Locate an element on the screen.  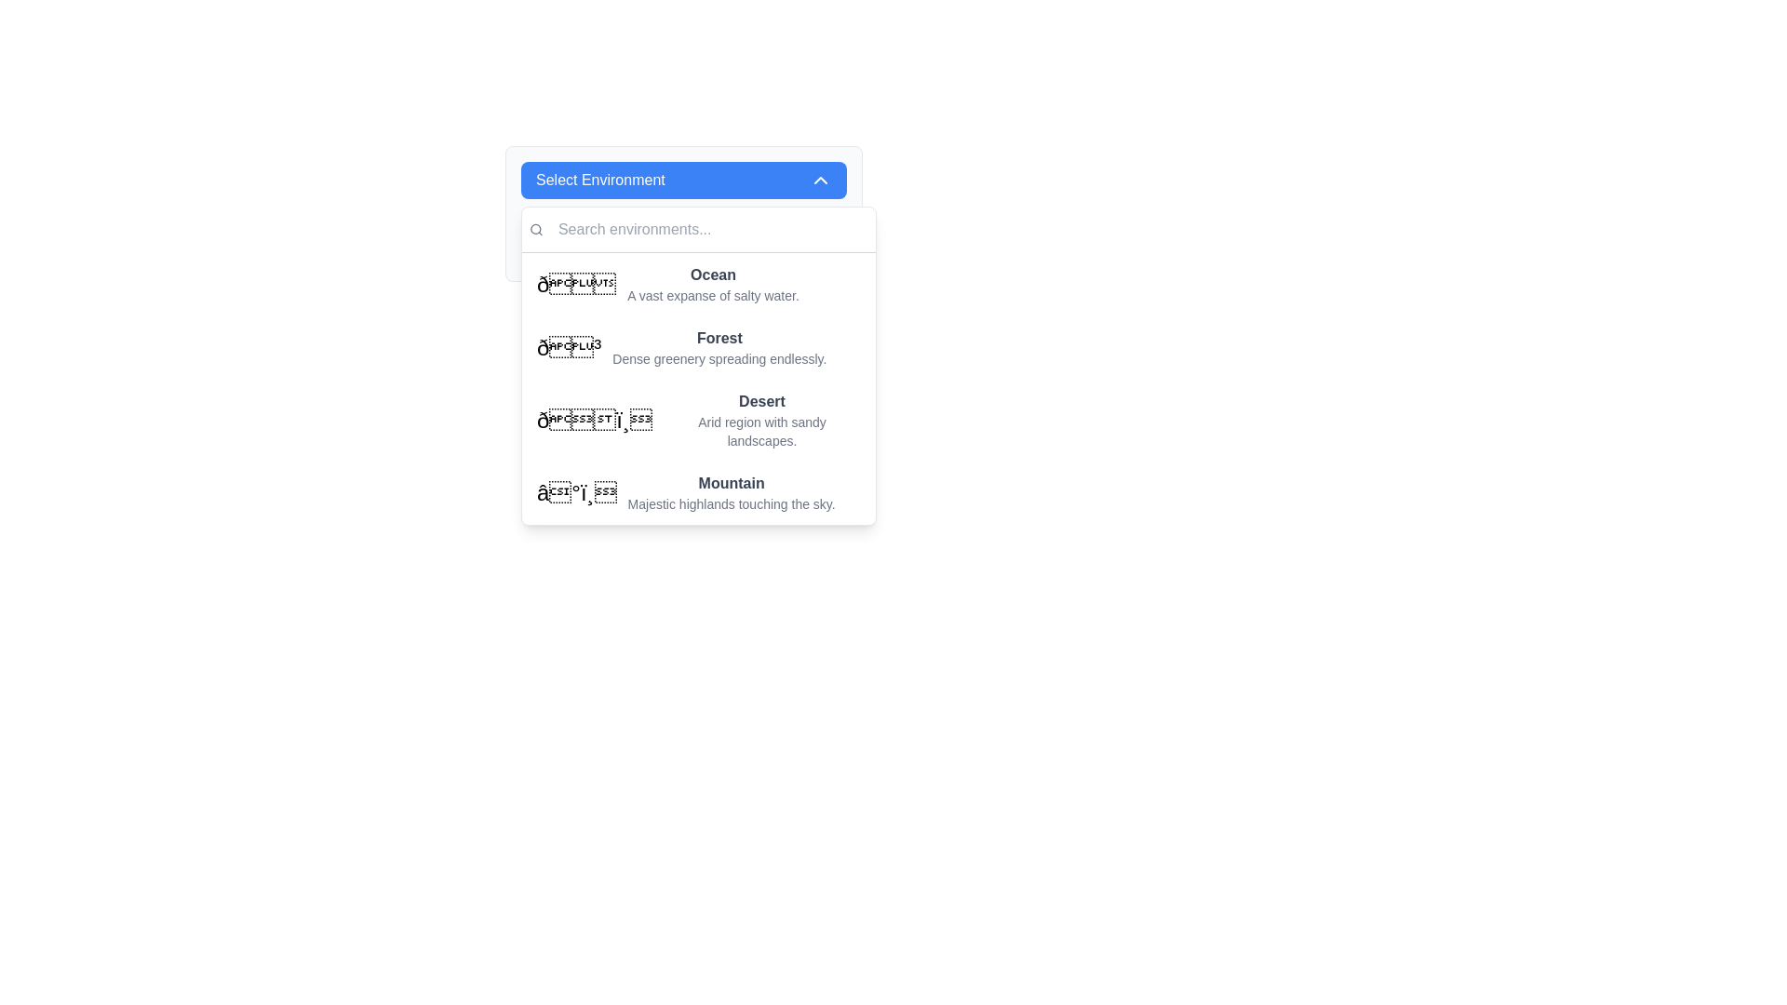
the second item in the dropdown menu is located at coordinates (680, 348).